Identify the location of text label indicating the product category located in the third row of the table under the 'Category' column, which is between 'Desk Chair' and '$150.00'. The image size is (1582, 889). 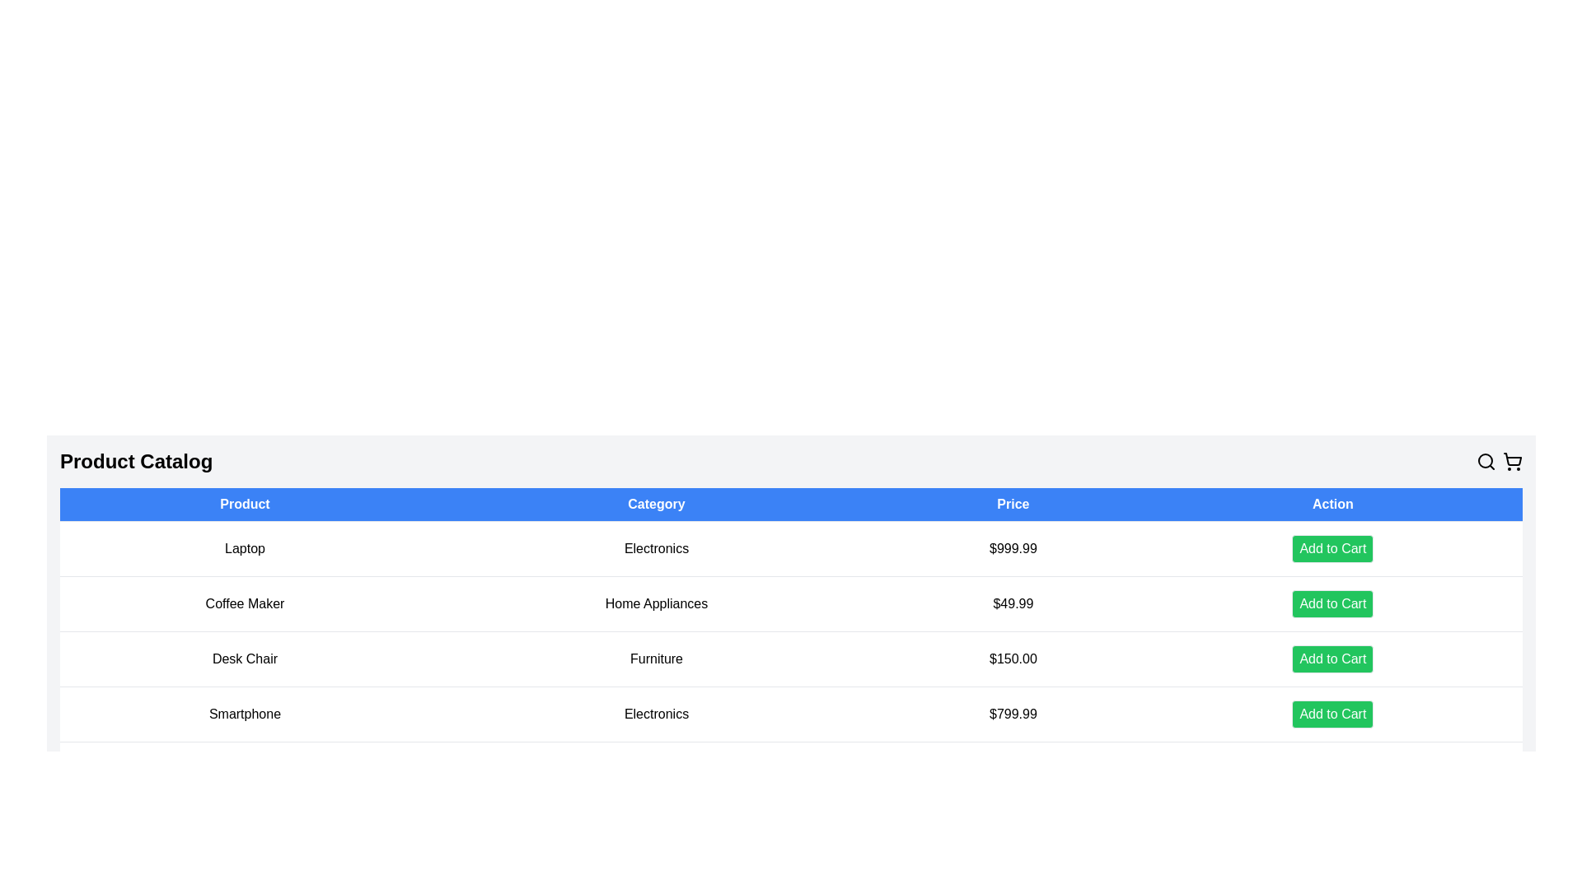
(655, 659).